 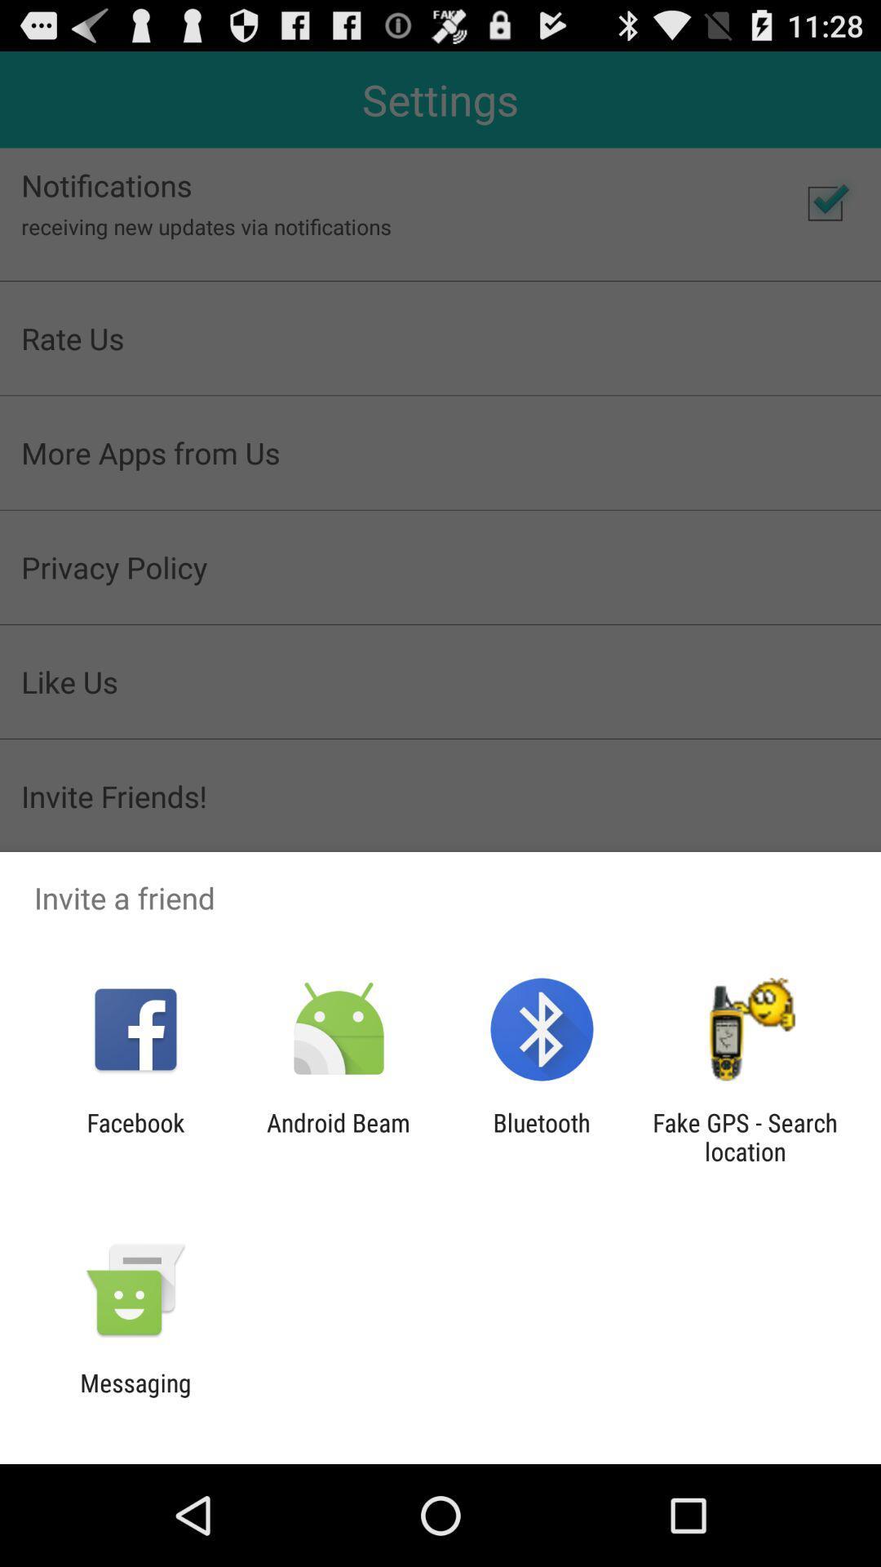 What do you see at coordinates (338, 1136) in the screenshot?
I see `the app next to bluetooth item` at bounding box center [338, 1136].